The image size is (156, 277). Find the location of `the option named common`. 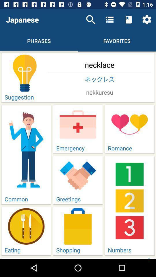

the option named common is located at coordinates (26, 154).